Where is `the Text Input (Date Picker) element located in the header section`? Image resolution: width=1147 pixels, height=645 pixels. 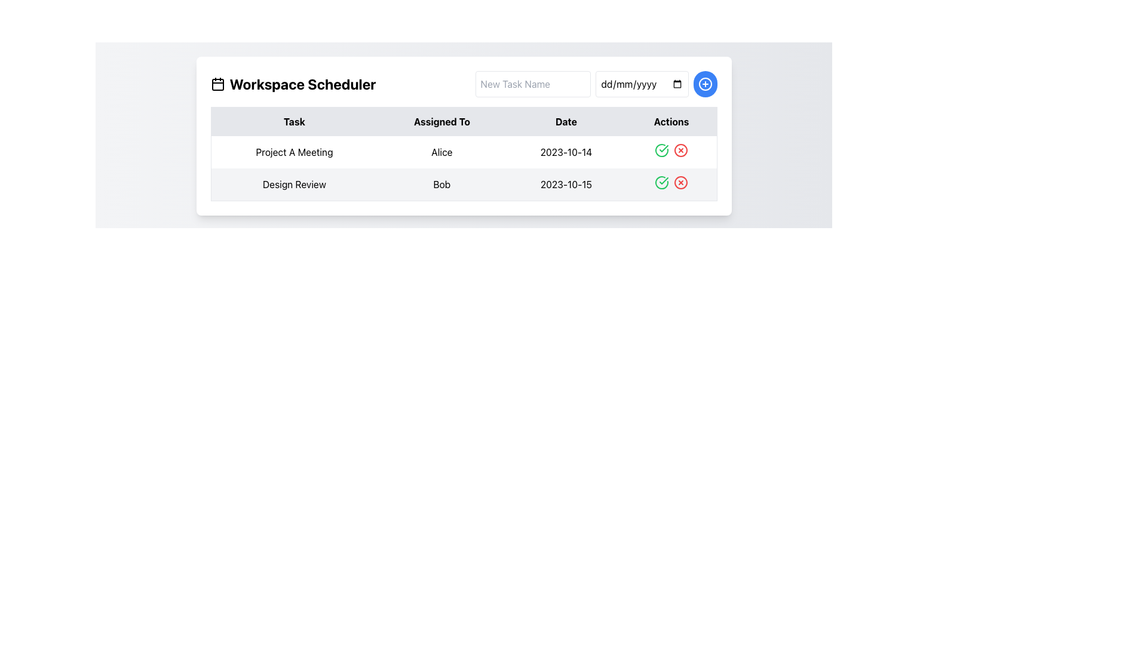 the Text Input (Date Picker) element located in the header section is located at coordinates (641, 84).